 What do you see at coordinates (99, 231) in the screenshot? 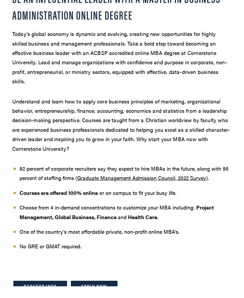
I see `'One of the country’s most affordable private, non-profit online MBA’s.'` at bounding box center [99, 231].